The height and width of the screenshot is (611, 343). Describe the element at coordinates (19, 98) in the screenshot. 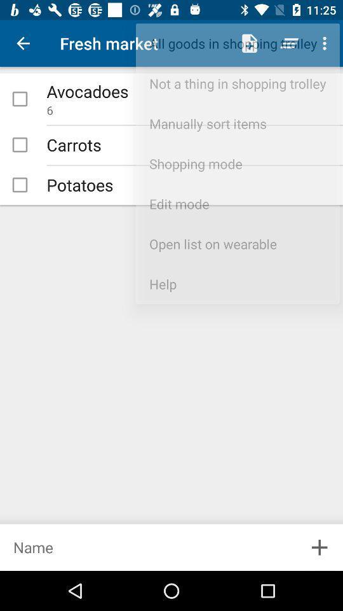

I see `button` at that location.